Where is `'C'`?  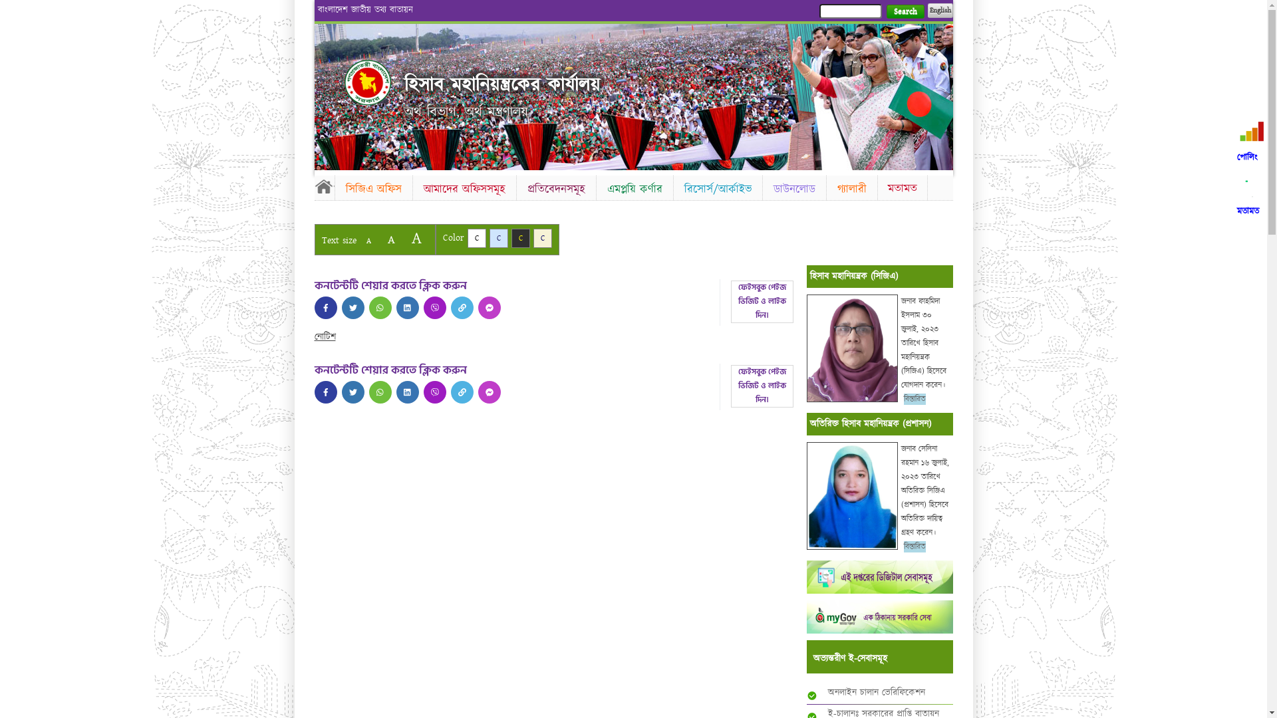 'C' is located at coordinates (488, 237).